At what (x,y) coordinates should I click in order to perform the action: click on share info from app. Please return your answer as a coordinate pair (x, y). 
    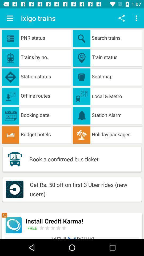
    Looking at the image, I should click on (121, 18).